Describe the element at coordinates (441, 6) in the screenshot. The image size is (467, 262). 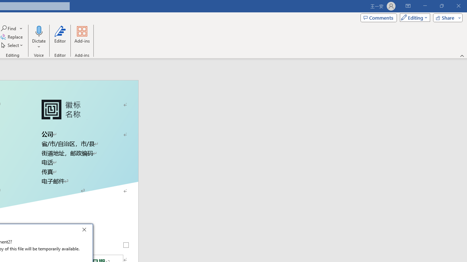
I see `'Restore Down'` at that location.